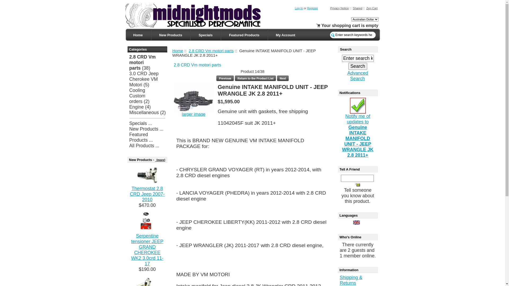  Describe the element at coordinates (137, 107) in the screenshot. I see `'Engine'` at that location.